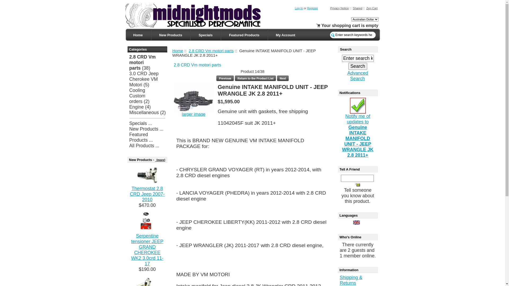  Describe the element at coordinates (137, 107) in the screenshot. I see `'Engine'` at that location.